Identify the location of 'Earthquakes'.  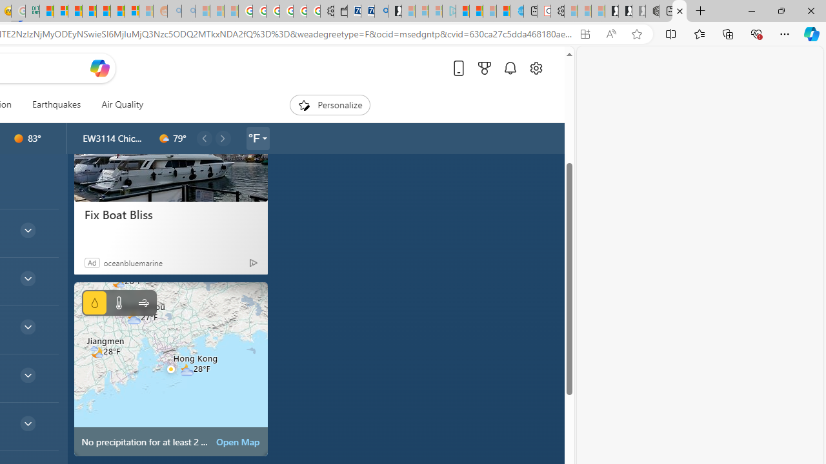
(55, 104).